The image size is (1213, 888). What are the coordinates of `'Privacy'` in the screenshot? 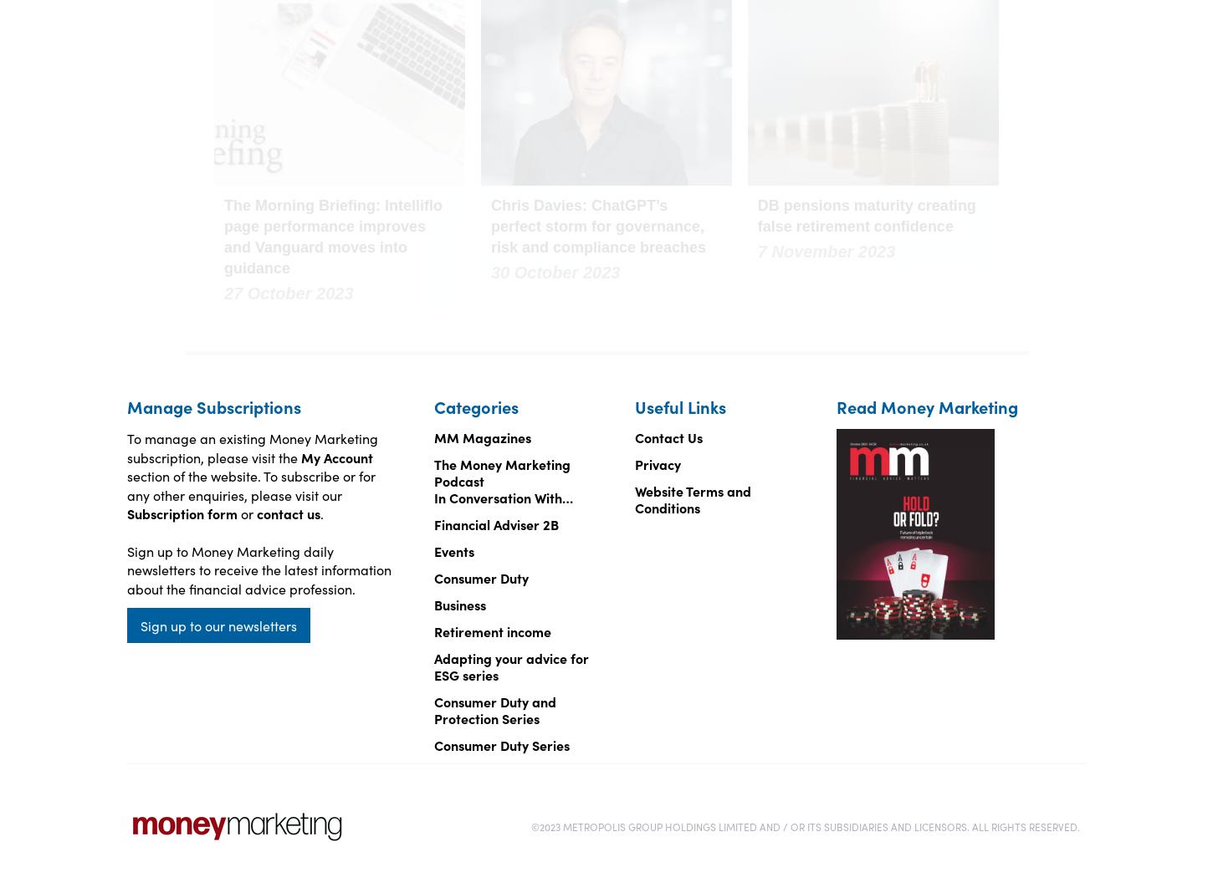 It's located at (658, 464).